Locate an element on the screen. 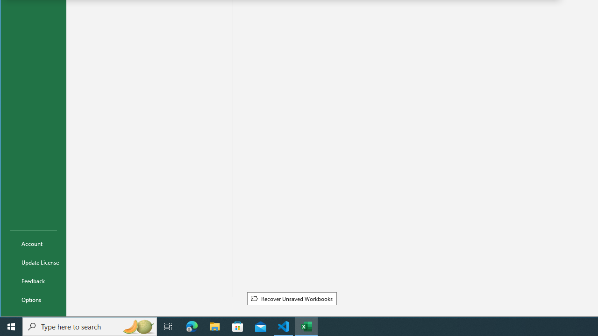 This screenshot has width=598, height=336. 'Excel - 1 running window' is located at coordinates (306, 326).